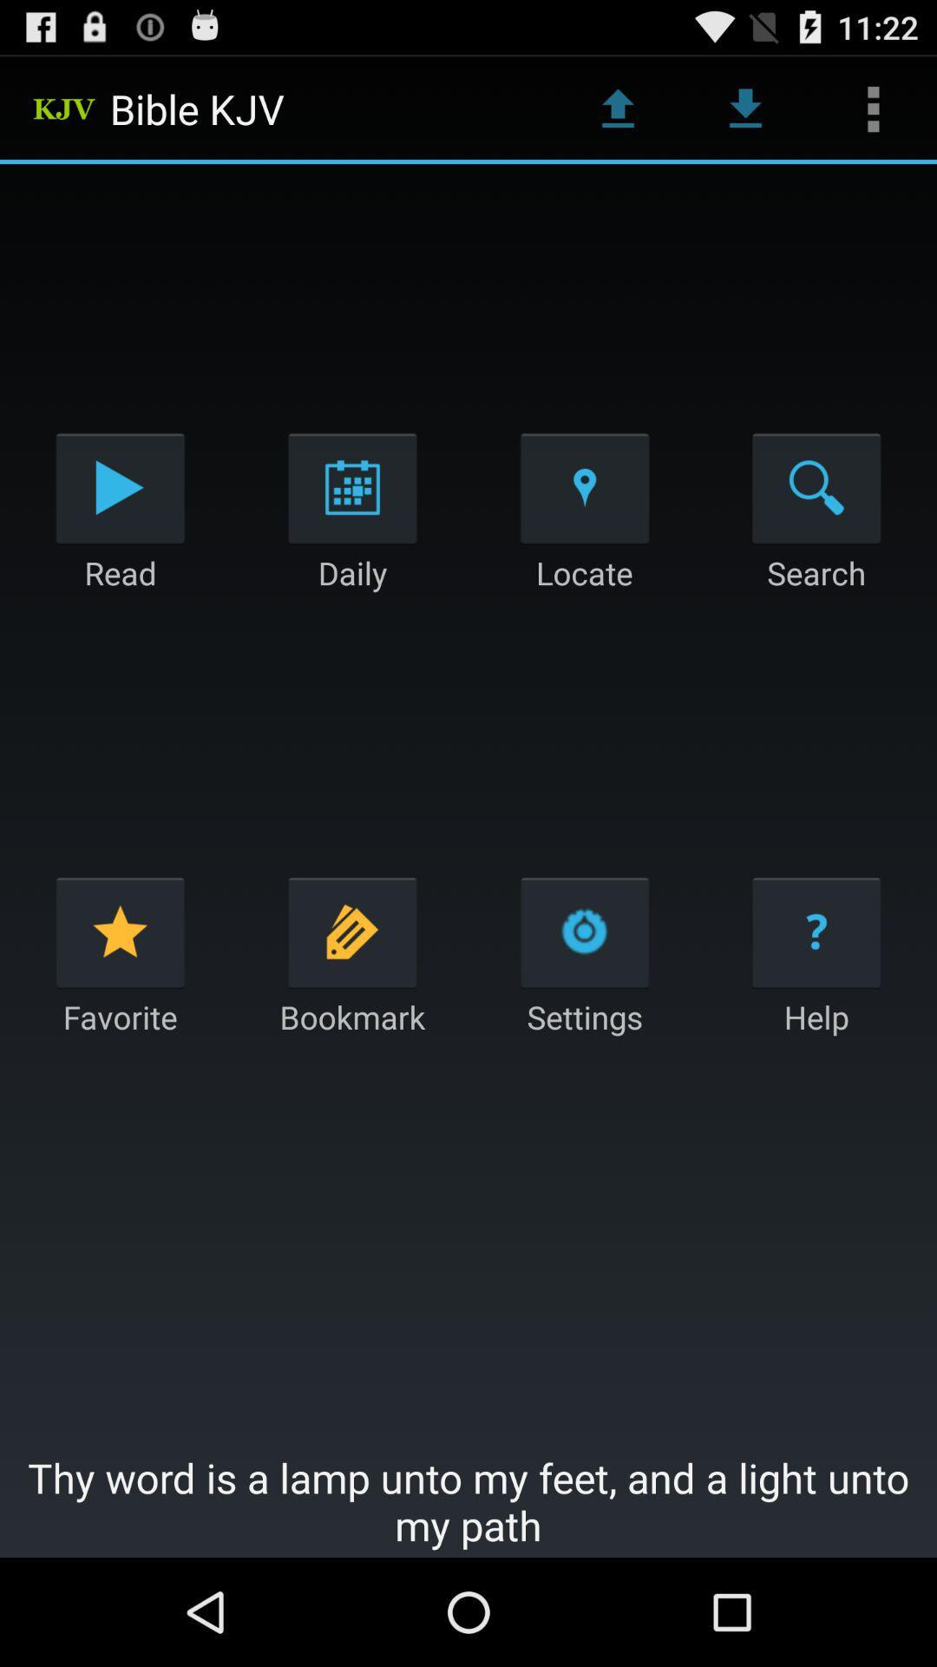 The width and height of the screenshot is (937, 1667). Describe the element at coordinates (351, 521) in the screenshot. I see `the date_range icon` at that location.